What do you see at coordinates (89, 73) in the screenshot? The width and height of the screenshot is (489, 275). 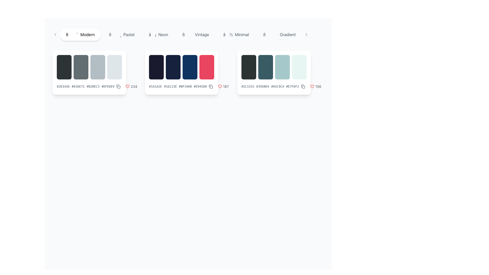 I see `the color palette selector blocks to get details about the colors, which are represented by four distinct gradient blocks located in the top-left section of the main interface` at bounding box center [89, 73].